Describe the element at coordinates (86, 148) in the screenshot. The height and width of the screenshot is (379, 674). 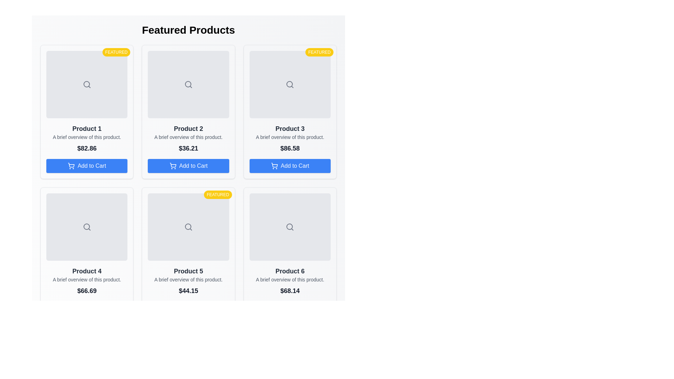
I see `the text label displaying the price of the product in Product 1 card` at that location.